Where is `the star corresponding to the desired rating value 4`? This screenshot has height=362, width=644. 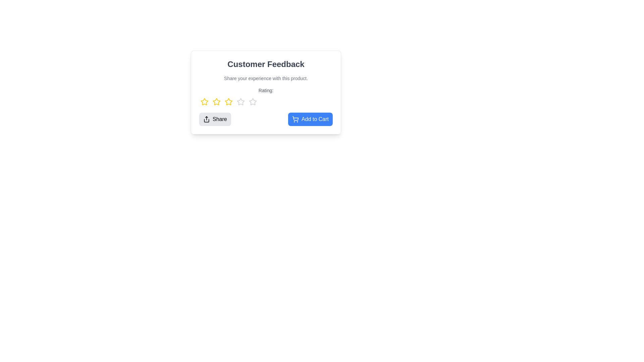
the star corresponding to the desired rating value 4 is located at coordinates (241, 102).